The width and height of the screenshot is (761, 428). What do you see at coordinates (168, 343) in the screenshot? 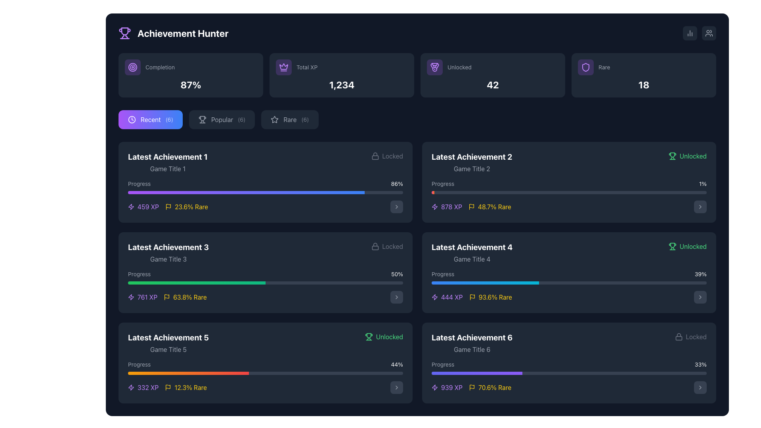
I see `the text label displaying 'Latest Achievement 5'` at bounding box center [168, 343].